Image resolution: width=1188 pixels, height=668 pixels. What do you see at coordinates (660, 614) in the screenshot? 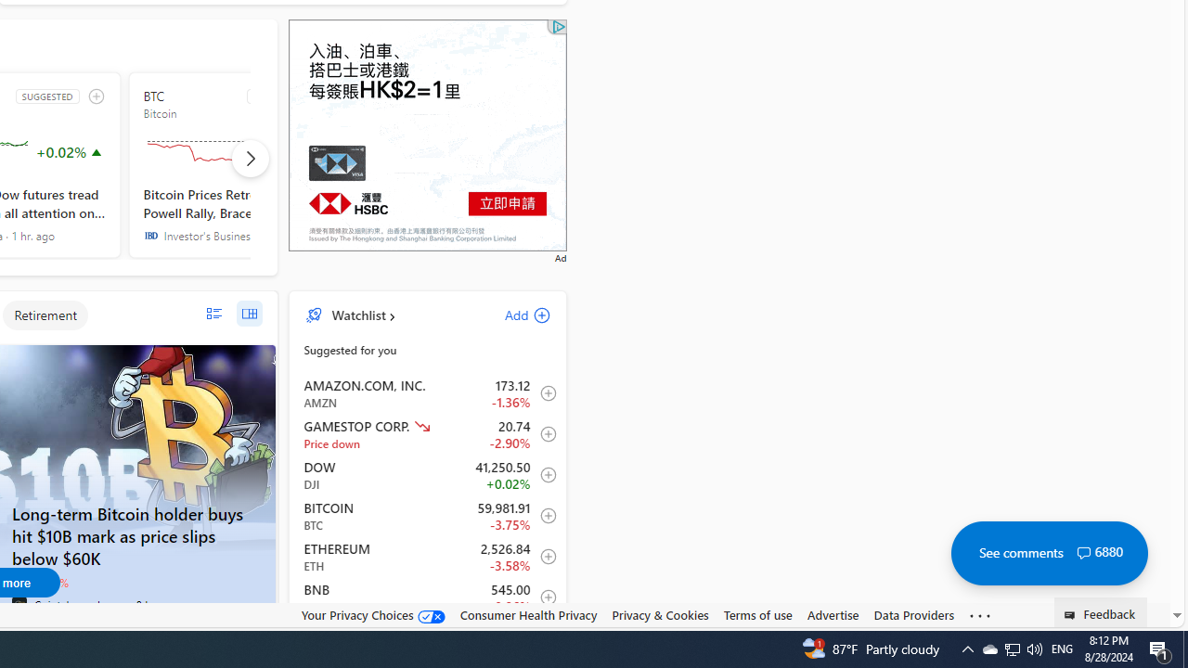
I see `'Privacy & Cookies'` at bounding box center [660, 614].